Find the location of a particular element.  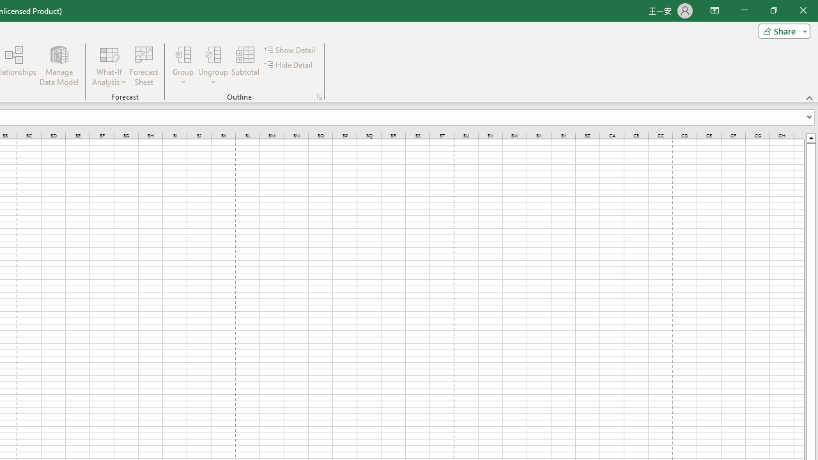

'Forecast Sheet' is located at coordinates (144, 66).